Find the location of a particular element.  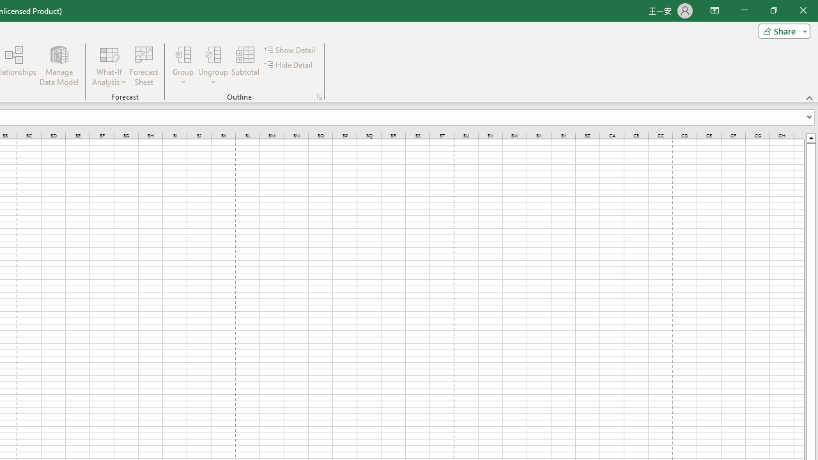

'Forecast Sheet' is located at coordinates (144, 66).